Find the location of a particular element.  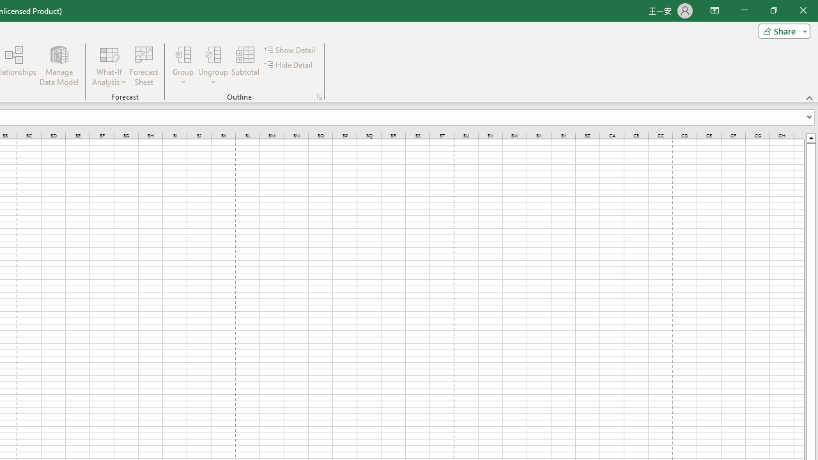

'Forecast Sheet' is located at coordinates (144, 66).